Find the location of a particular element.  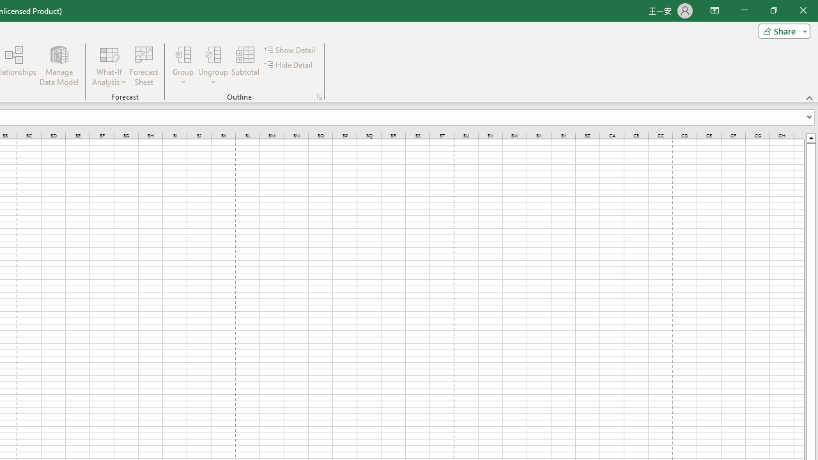

'Forecast Sheet' is located at coordinates (144, 66).